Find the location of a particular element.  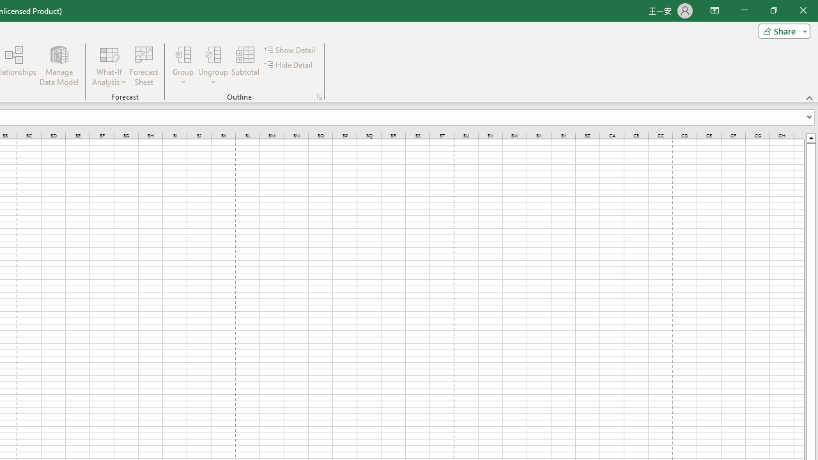

'Forecast Sheet' is located at coordinates (144, 66).